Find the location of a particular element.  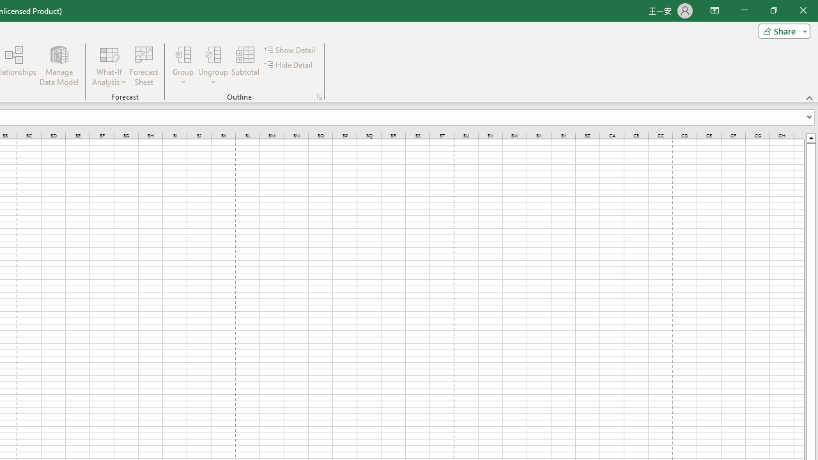

'Forecast Sheet' is located at coordinates (144, 66).